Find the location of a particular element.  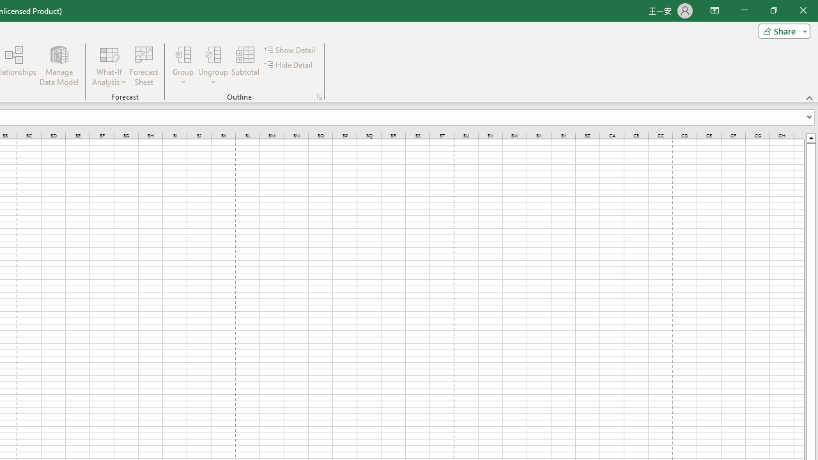

'Forecast Sheet' is located at coordinates (144, 66).